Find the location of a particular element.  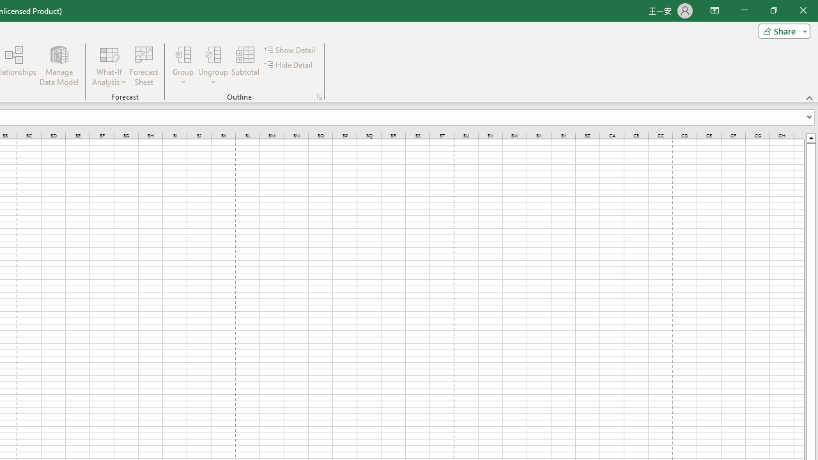

'Forecast Sheet' is located at coordinates (144, 66).